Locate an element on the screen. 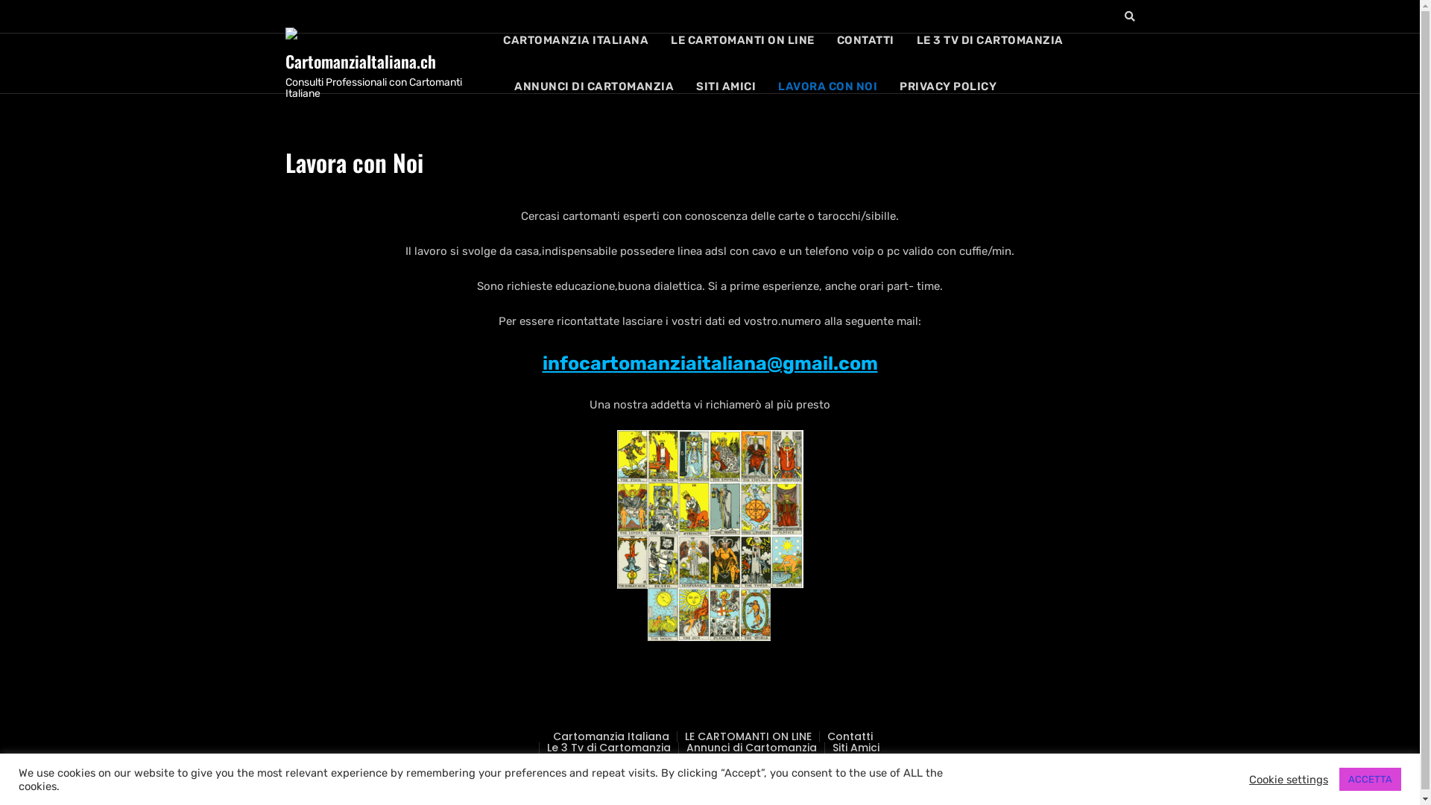 The image size is (1431, 805). 'infocartomanziaitaliana@gmail.com' is located at coordinates (710, 363).